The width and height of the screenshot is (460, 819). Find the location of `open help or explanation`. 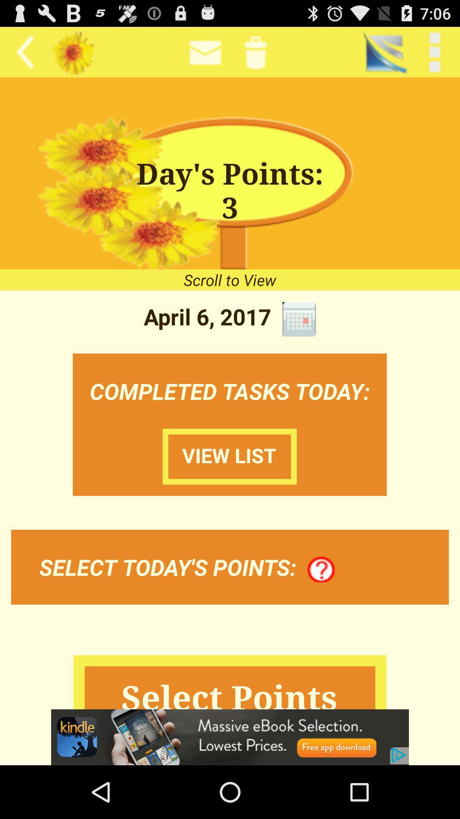

open help or explanation is located at coordinates (321, 569).